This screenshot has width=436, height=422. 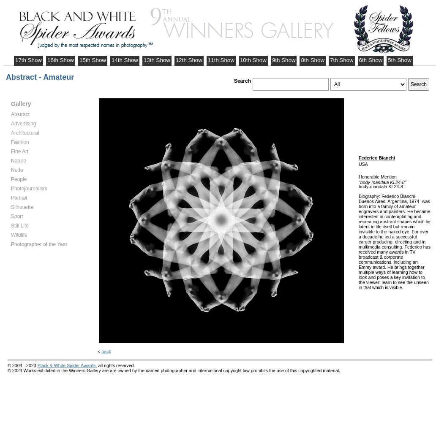 I want to click on '6th Show', so click(x=359, y=60).